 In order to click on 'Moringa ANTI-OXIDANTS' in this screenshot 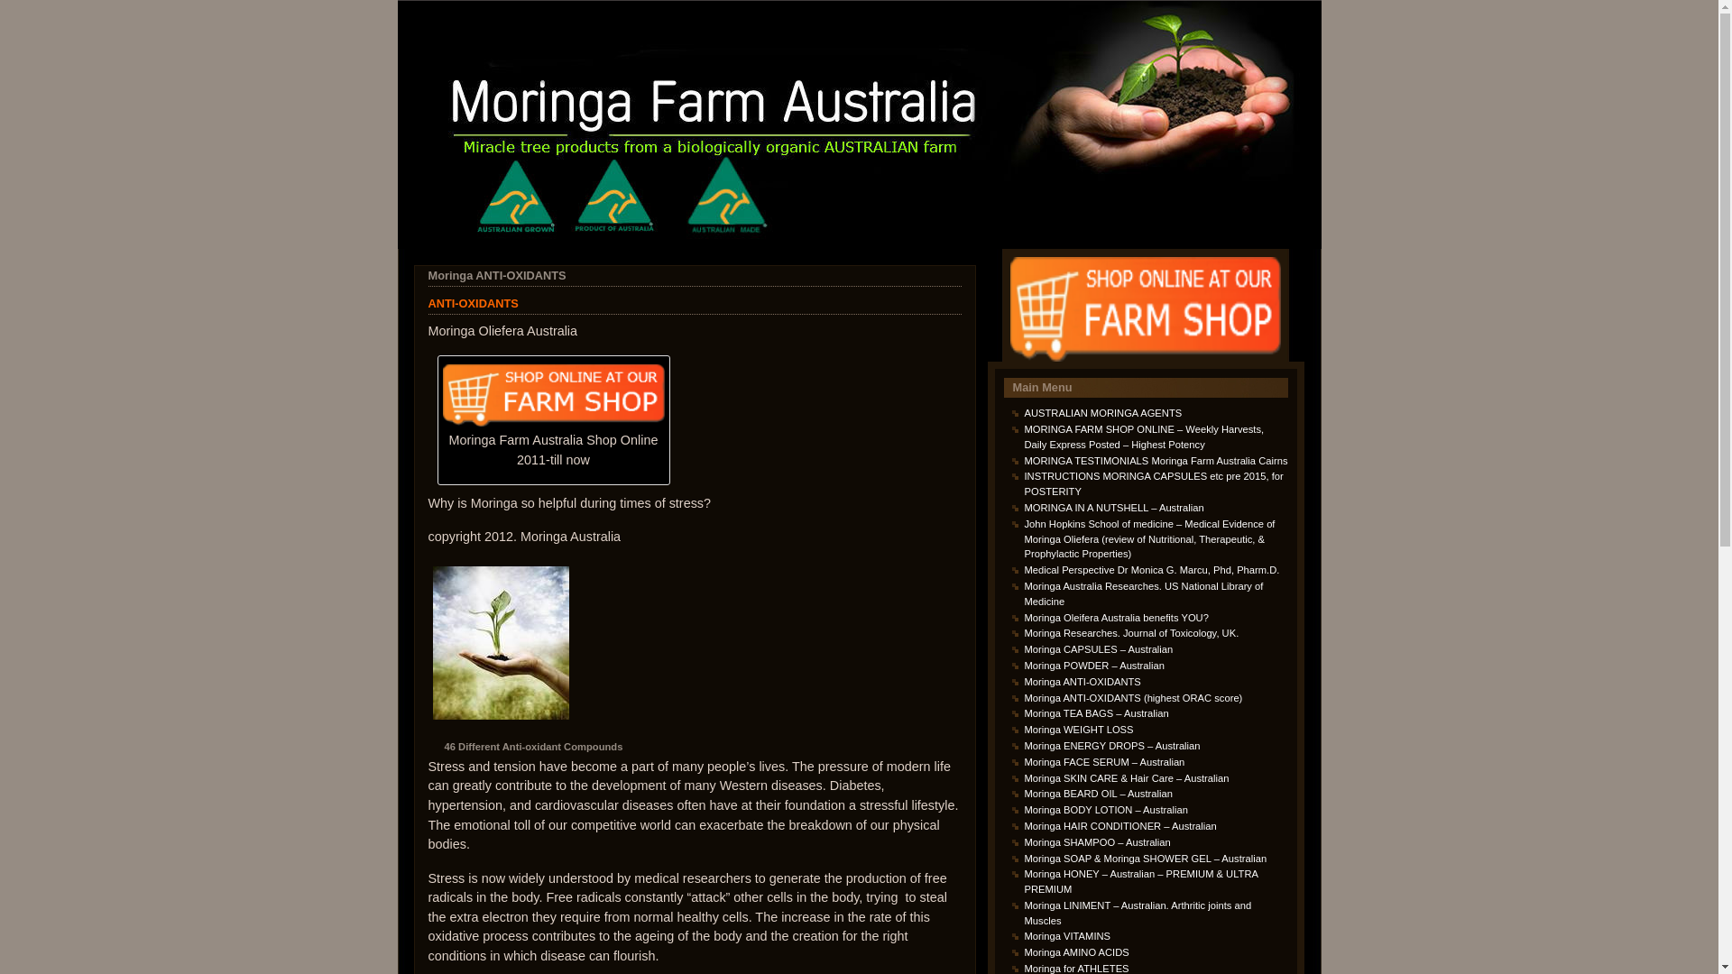, I will do `click(1082, 682)`.